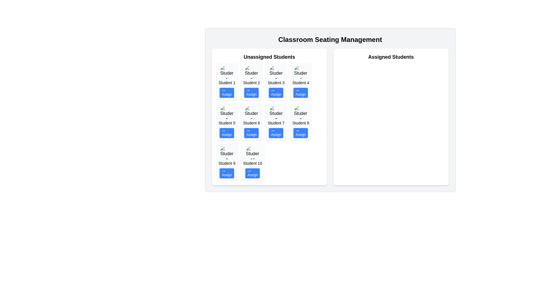 The image size is (537, 302). I want to click on the static text label displaying 'Student 1', which is located in the first card of the 'Unassigned Students' section, positioned below an image and above the 'Assign' button, so click(227, 83).